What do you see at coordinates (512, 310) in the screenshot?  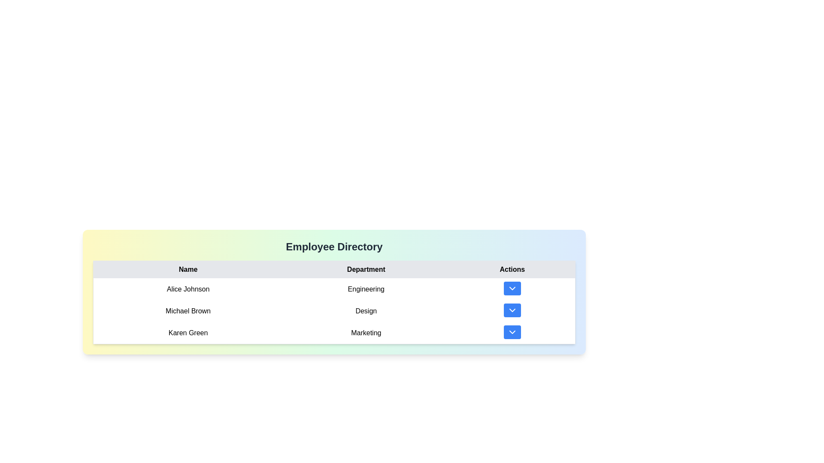 I see `the downward-facing chevron icon in the 'Actions' column of the 'Employee Directory' table for 'Michael Brown' under 'Department Design'` at bounding box center [512, 310].